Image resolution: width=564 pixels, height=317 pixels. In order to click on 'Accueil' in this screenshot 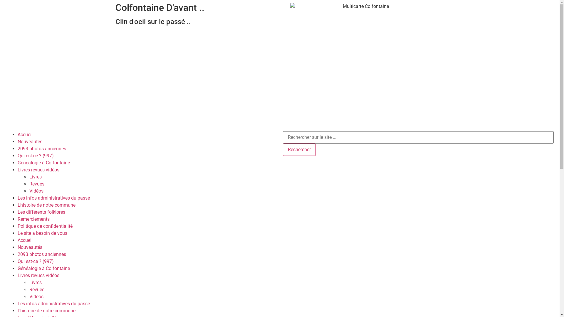, I will do `click(25, 240)`.